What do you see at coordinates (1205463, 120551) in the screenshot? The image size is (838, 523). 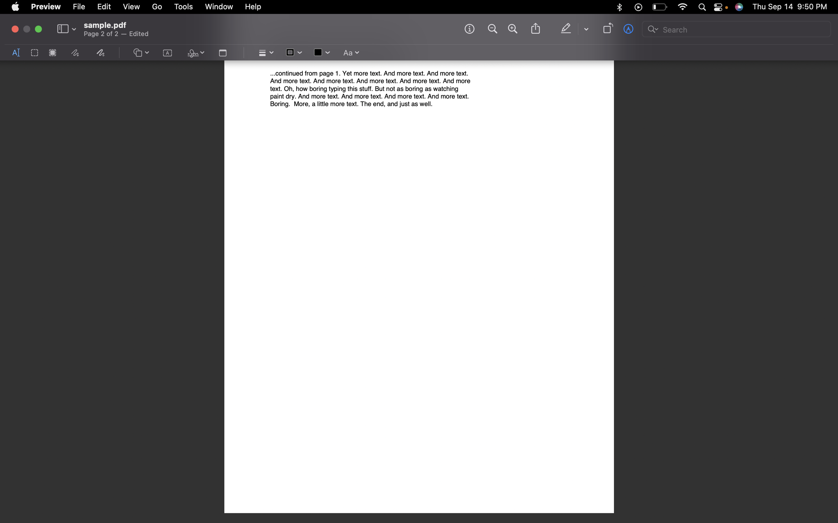 I see `Drag the mouse cursor from the beginning to the end of the page to select all content` at bounding box center [1205463, 120551].